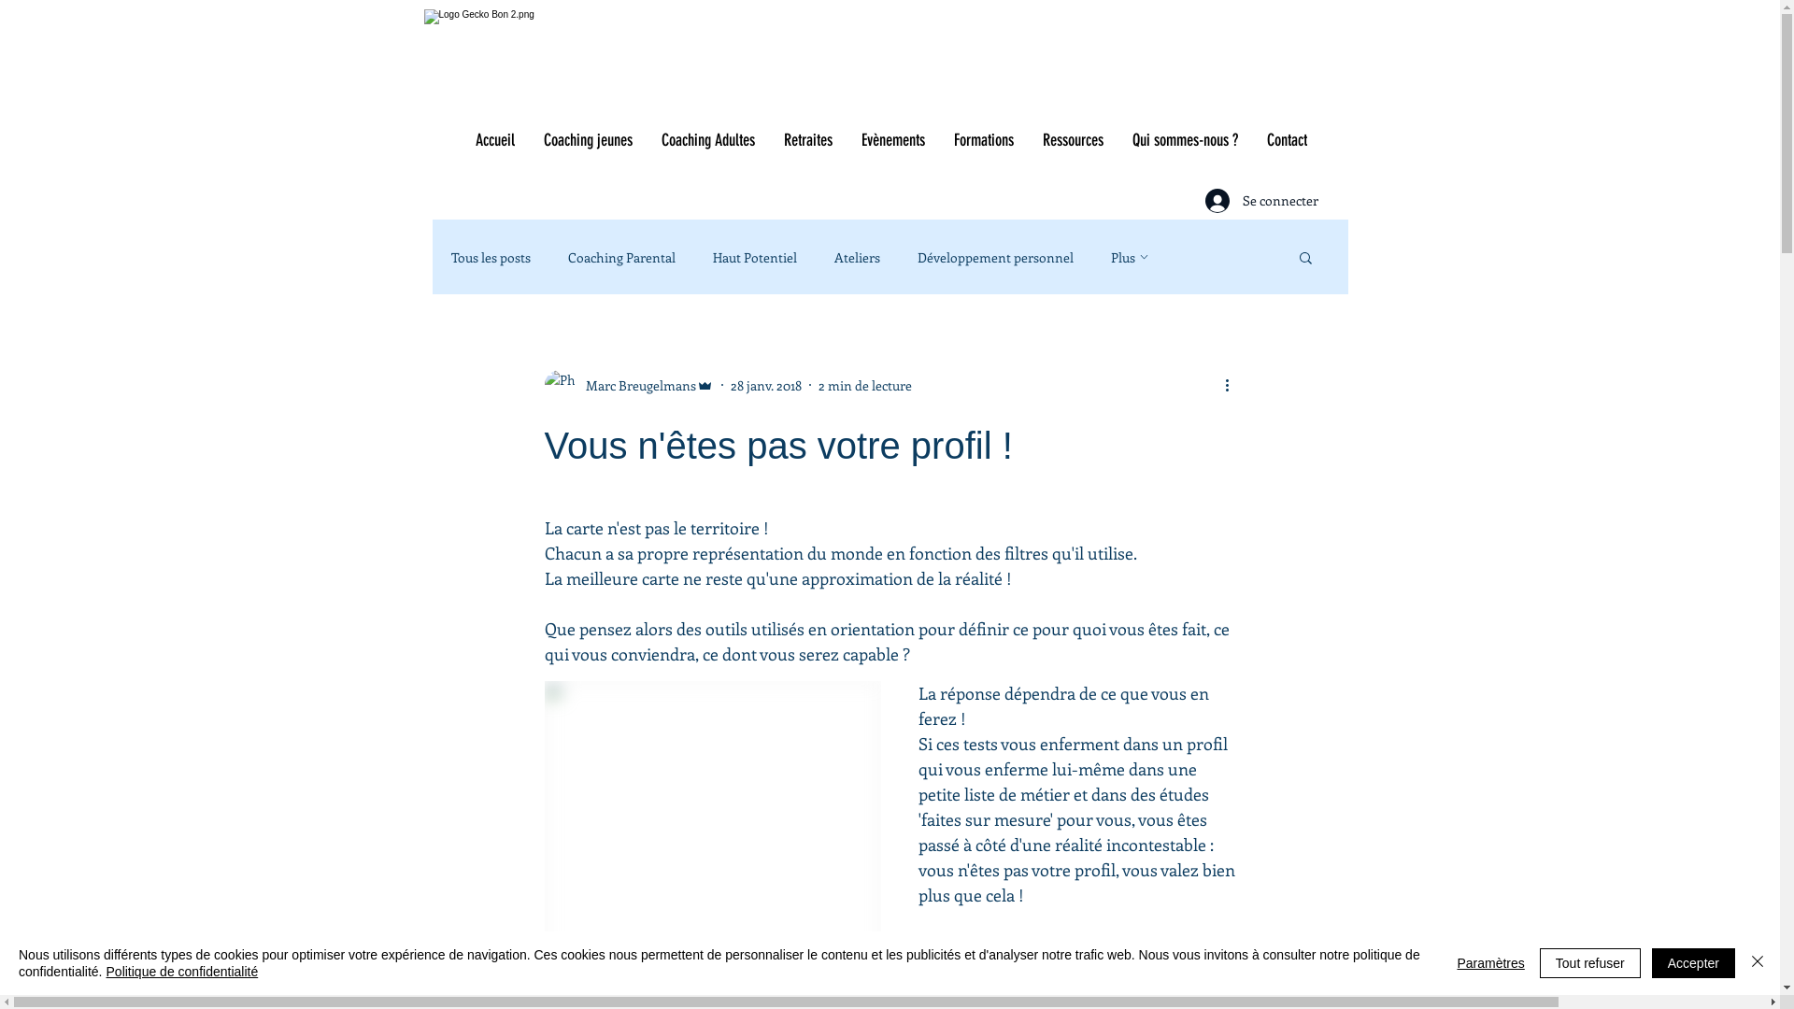 This screenshot has height=1009, width=1794. What do you see at coordinates (711, 257) in the screenshot?
I see `'Haut Potentiel'` at bounding box center [711, 257].